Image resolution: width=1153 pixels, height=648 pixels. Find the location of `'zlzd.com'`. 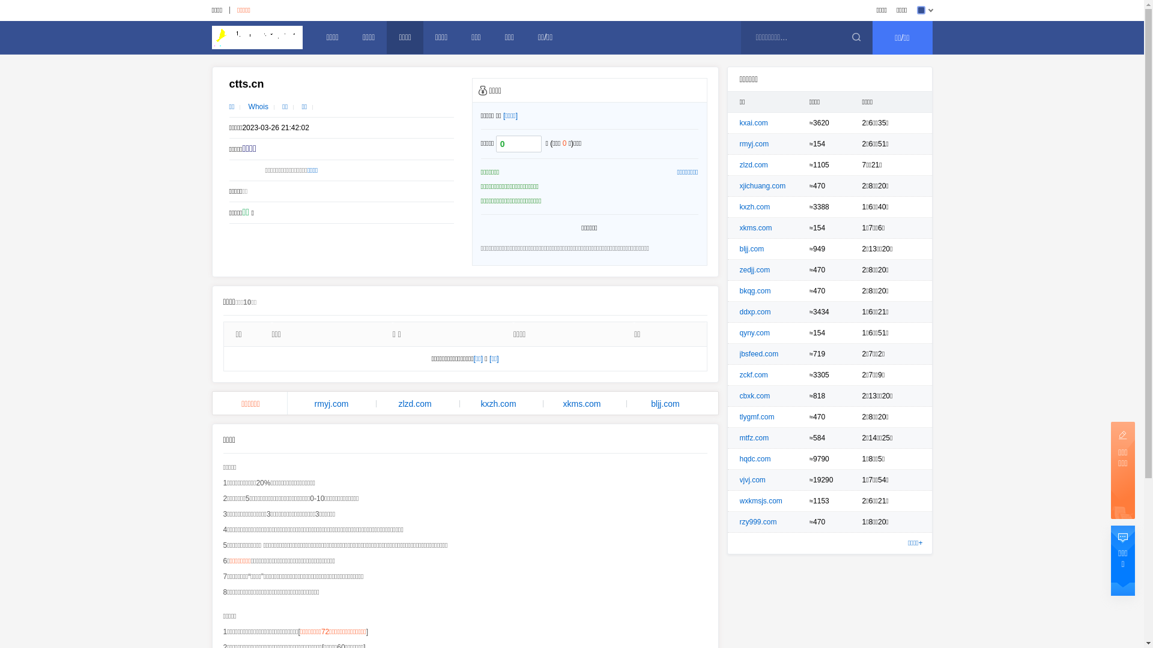

'zlzd.com' is located at coordinates (415, 403).